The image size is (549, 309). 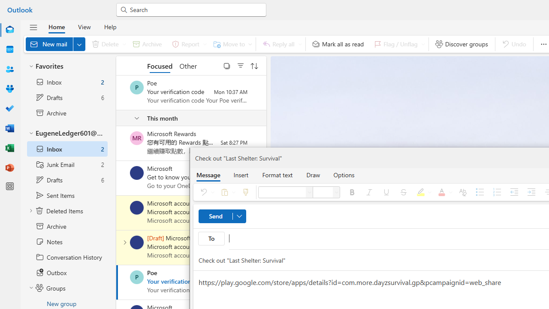 I want to click on 'Sorted: By Date', so click(x=254, y=65).